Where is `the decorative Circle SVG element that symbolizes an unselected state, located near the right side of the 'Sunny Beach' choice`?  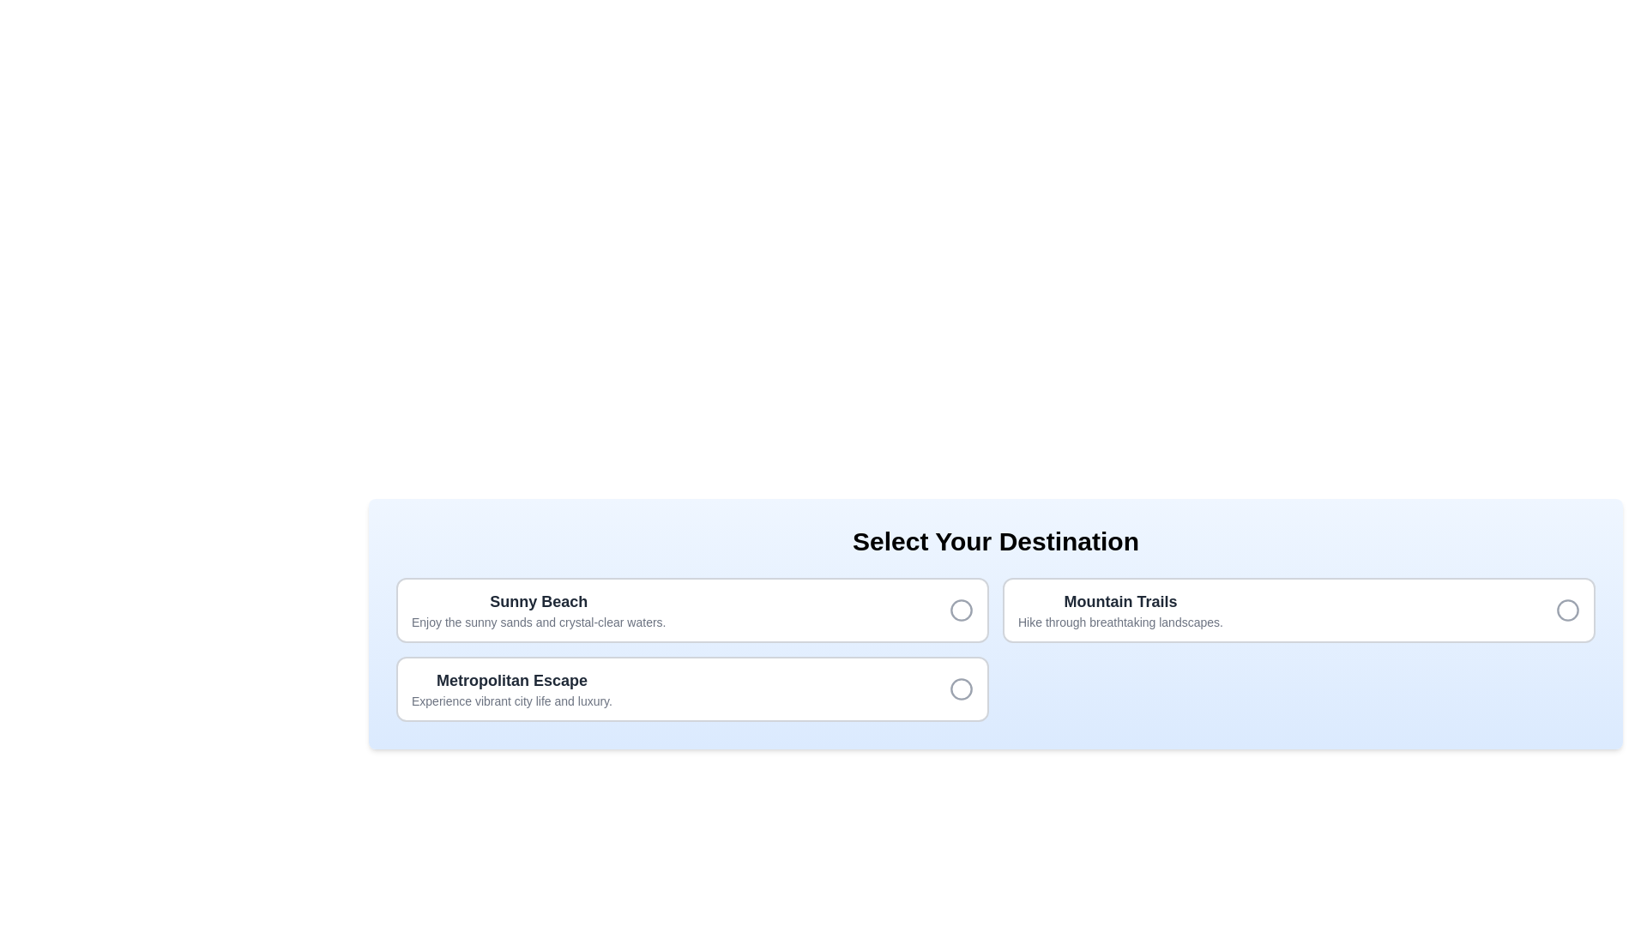
the decorative Circle SVG element that symbolizes an unselected state, located near the right side of the 'Sunny Beach' choice is located at coordinates (962, 610).